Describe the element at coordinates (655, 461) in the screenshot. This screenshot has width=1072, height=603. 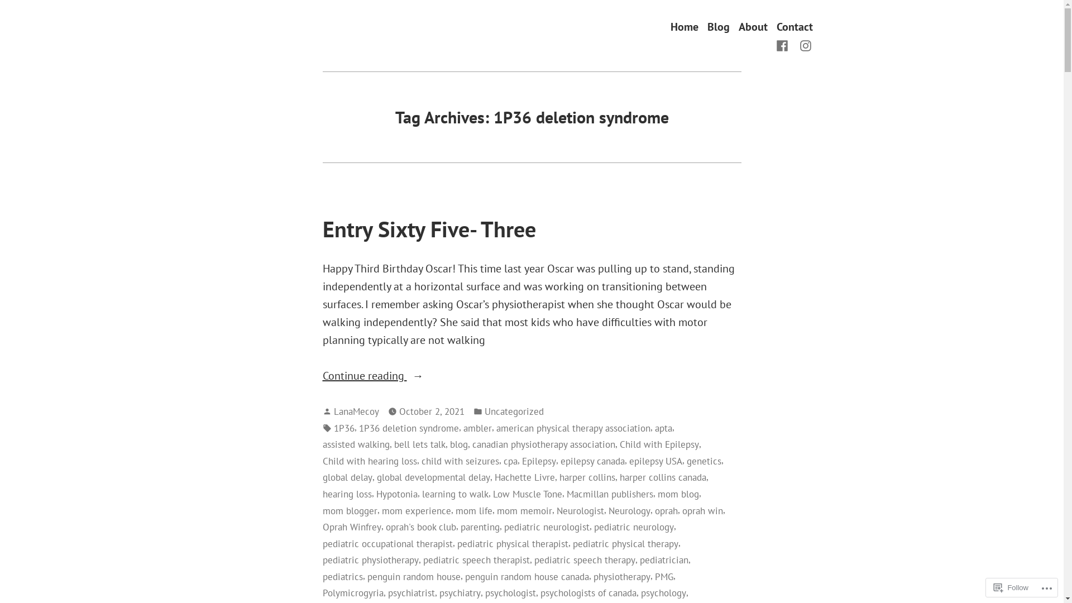
I see `'epilepsy USA'` at that location.